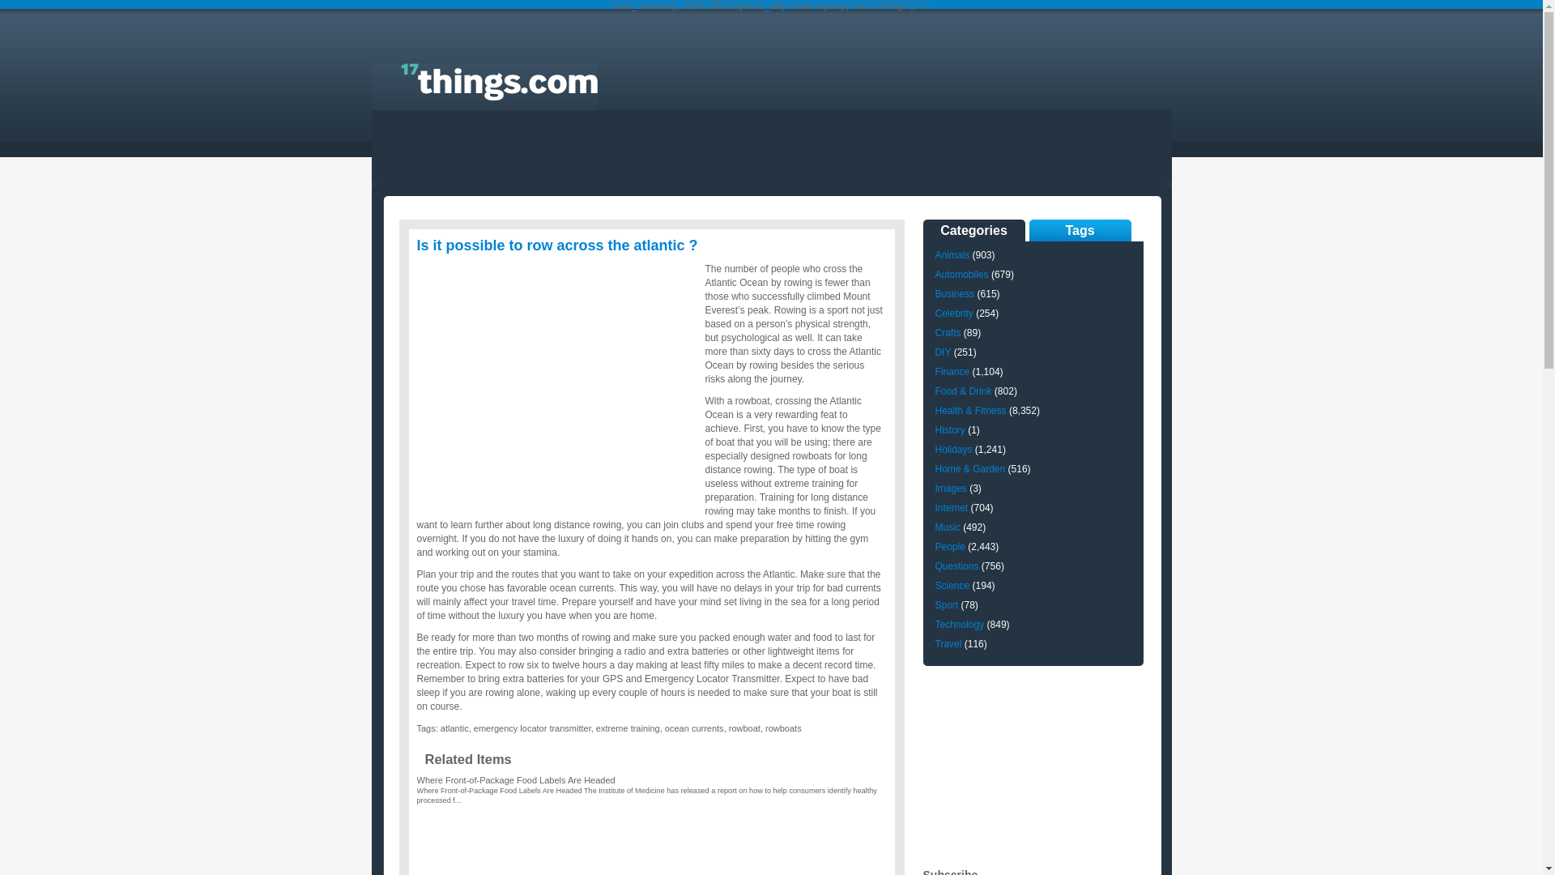  What do you see at coordinates (942, 352) in the screenshot?
I see `'DIY'` at bounding box center [942, 352].